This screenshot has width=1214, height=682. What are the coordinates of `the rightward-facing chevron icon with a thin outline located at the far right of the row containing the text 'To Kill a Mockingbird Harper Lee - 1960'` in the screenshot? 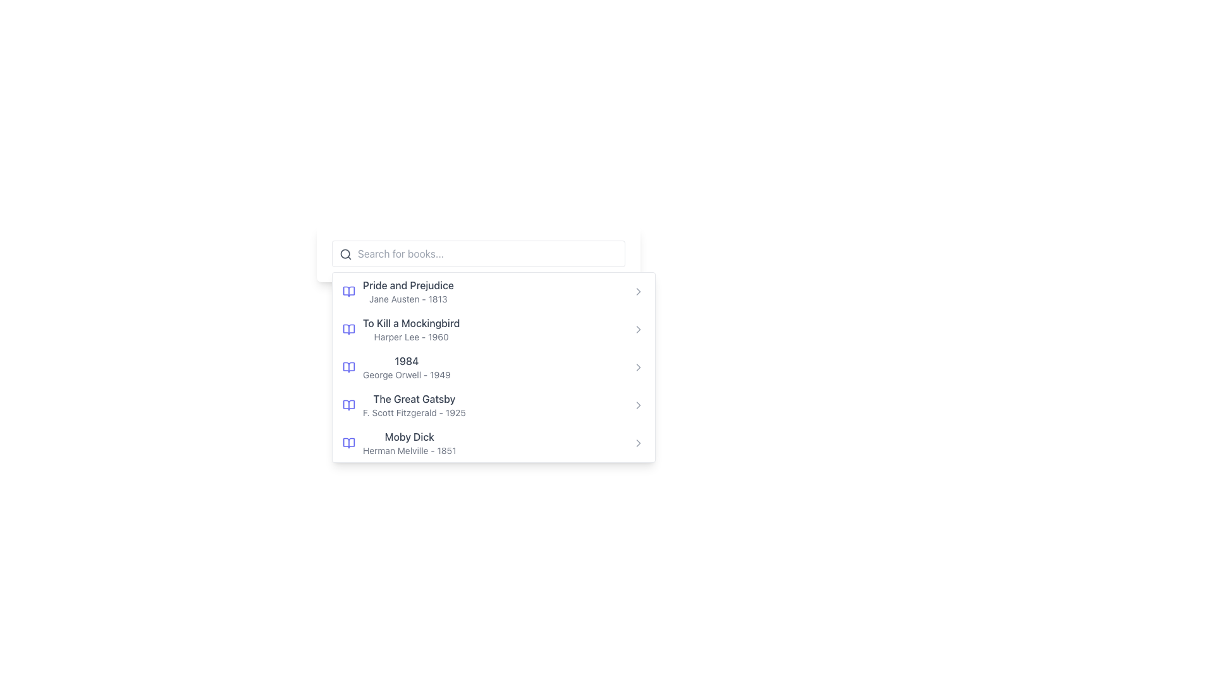 It's located at (638, 328).